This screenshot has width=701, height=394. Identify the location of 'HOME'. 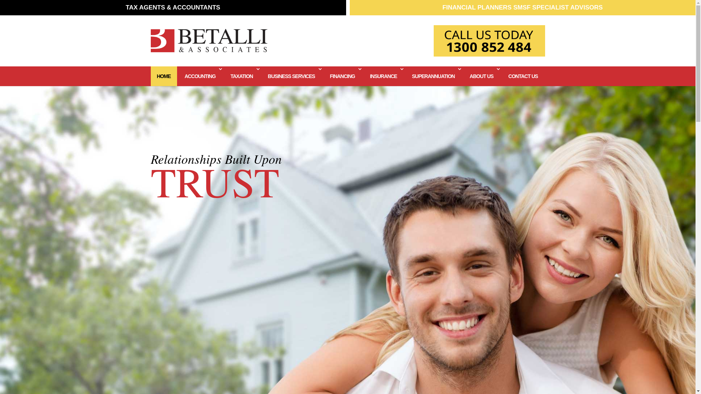
(163, 76).